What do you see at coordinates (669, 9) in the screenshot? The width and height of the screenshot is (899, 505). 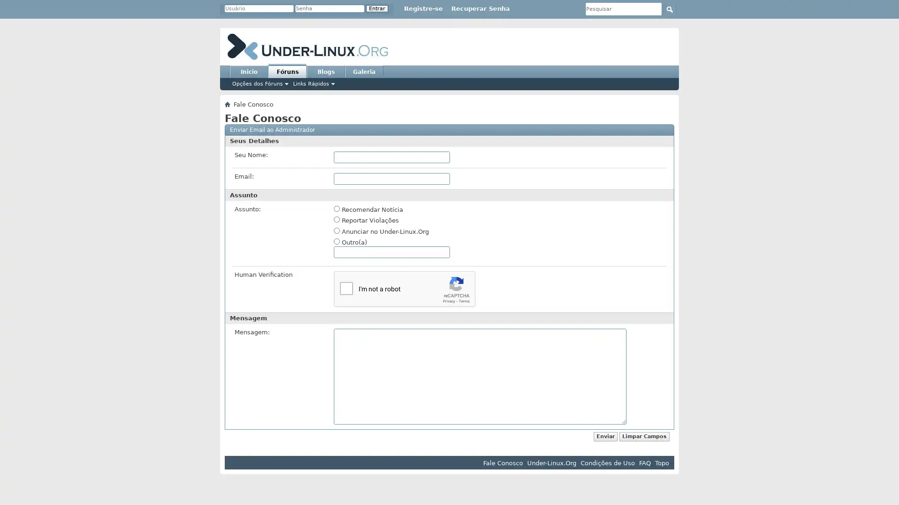 I see `Submit` at bounding box center [669, 9].